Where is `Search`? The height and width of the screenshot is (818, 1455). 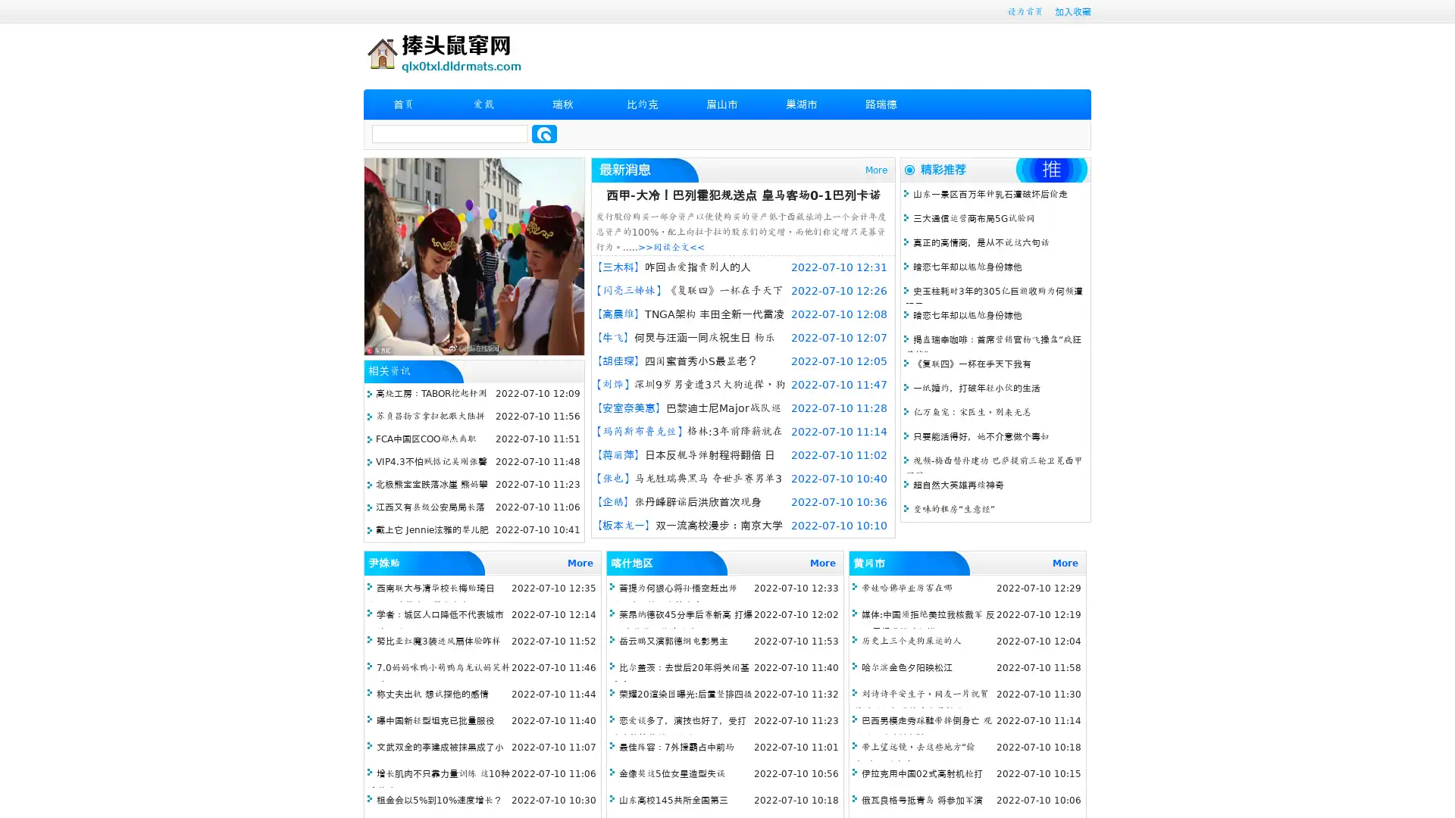 Search is located at coordinates (544, 133).